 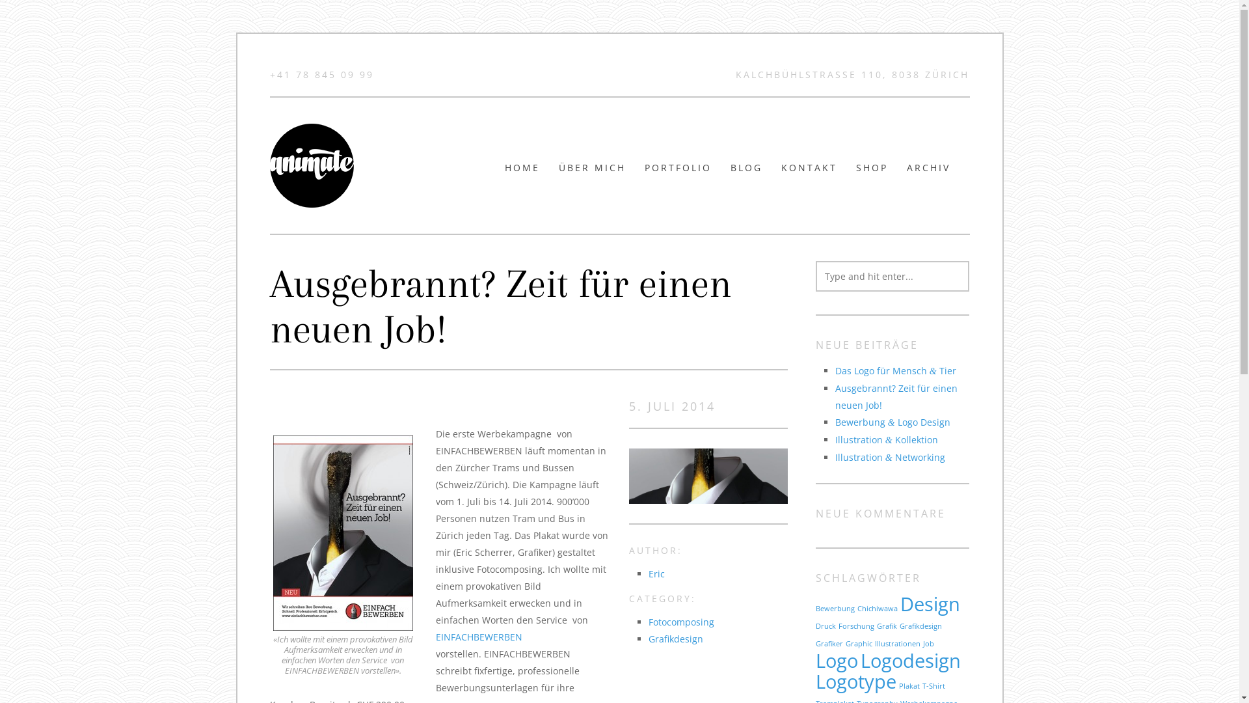 I want to click on 'Chichiwawa', so click(x=877, y=608).